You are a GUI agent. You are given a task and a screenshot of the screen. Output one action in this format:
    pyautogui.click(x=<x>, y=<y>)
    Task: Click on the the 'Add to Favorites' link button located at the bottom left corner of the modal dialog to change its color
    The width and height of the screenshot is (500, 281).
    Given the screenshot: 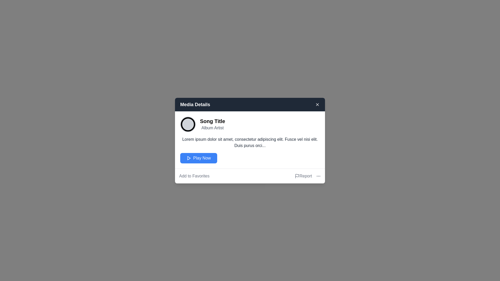 What is the action you would take?
    pyautogui.click(x=194, y=176)
    